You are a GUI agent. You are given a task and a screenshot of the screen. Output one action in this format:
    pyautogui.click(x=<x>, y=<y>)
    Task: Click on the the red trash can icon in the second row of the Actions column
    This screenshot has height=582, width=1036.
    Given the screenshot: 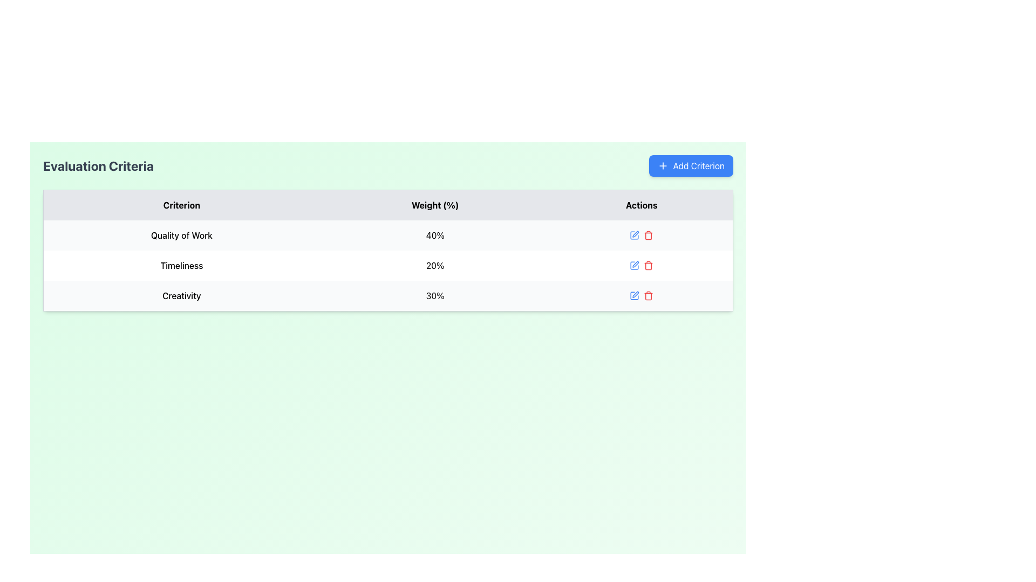 What is the action you would take?
    pyautogui.click(x=642, y=266)
    